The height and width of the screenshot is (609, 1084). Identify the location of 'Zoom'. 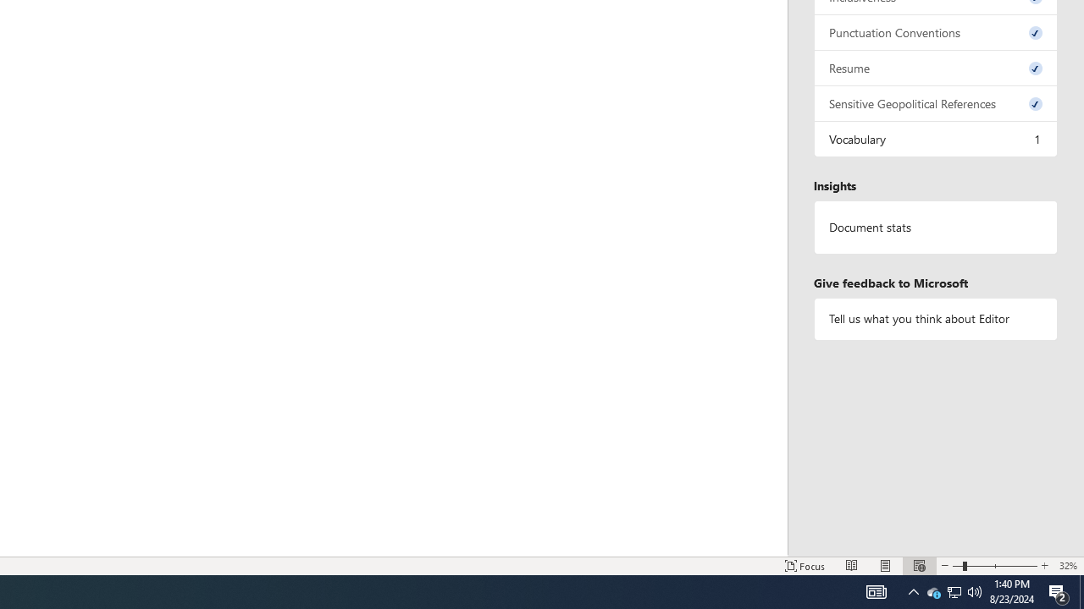
(995, 566).